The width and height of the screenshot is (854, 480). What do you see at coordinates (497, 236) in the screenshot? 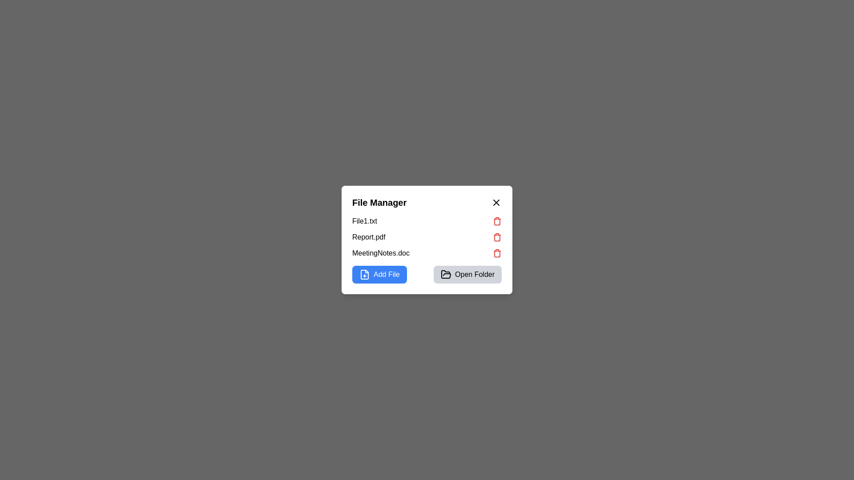
I see `the delete icon next to 'Report.pdf'` at bounding box center [497, 236].